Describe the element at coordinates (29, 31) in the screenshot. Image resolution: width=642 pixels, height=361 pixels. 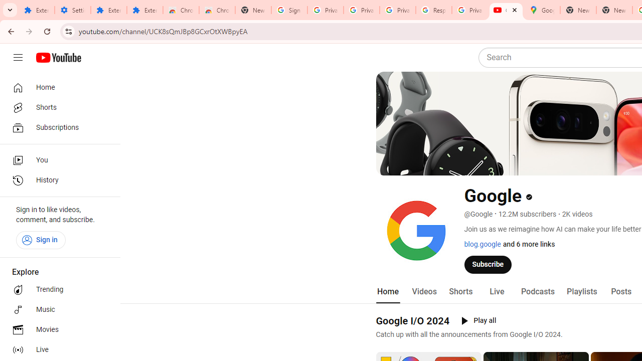
I see `'Forward'` at that location.